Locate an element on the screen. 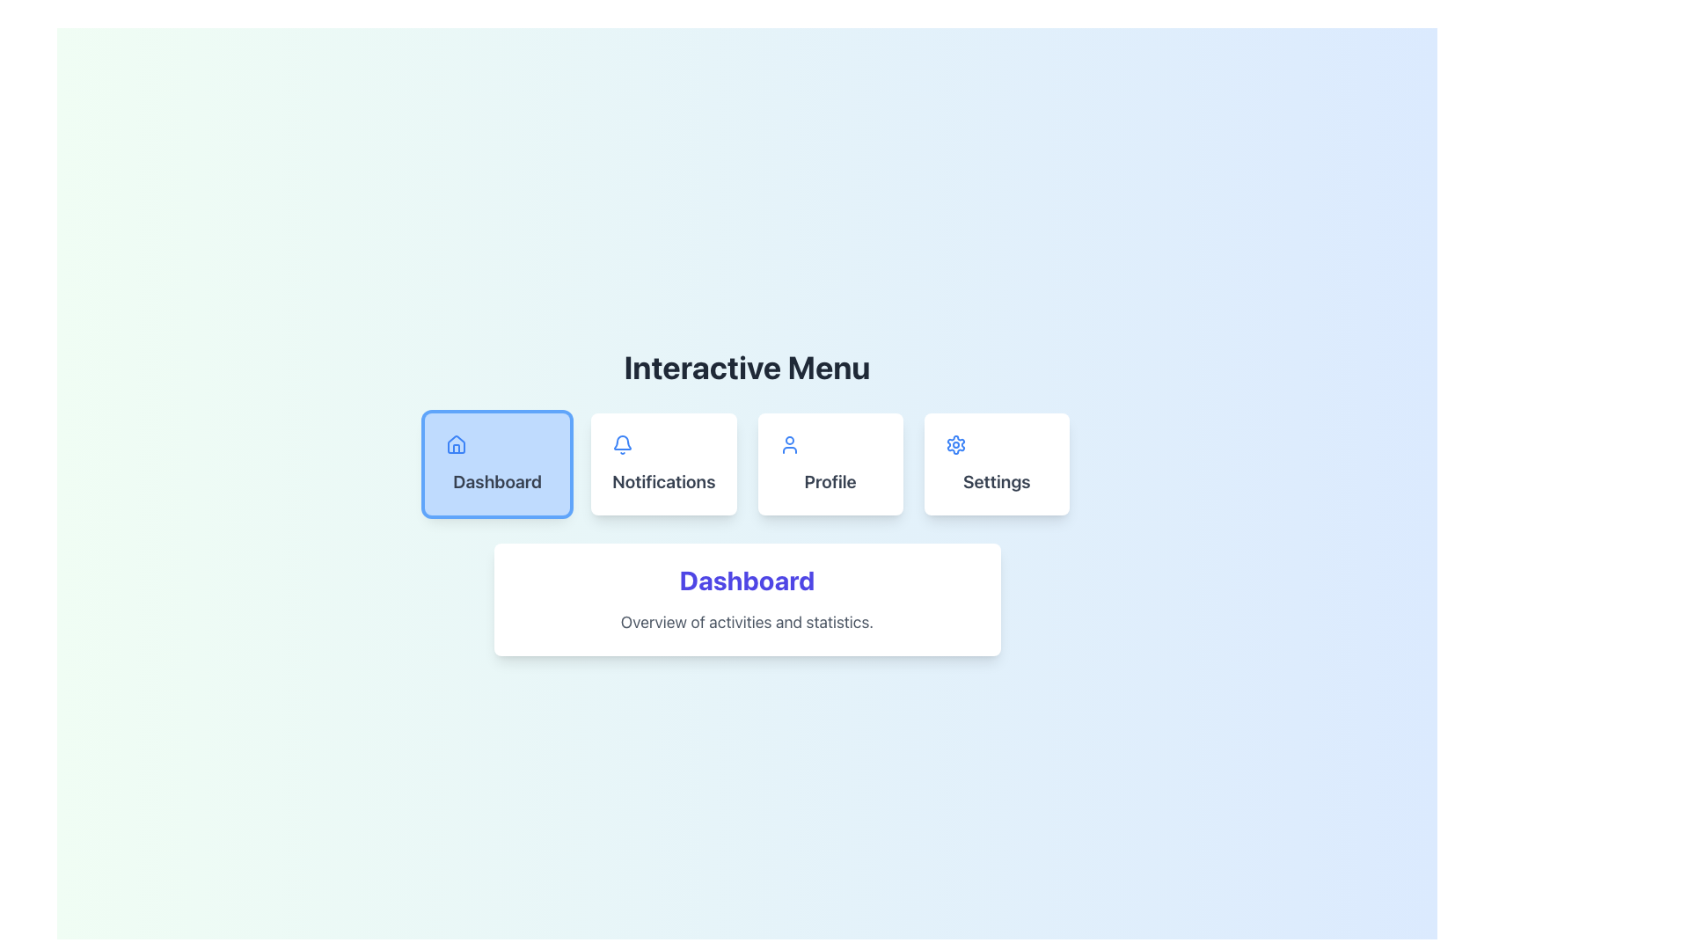 The height and width of the screenshot is (950, 1689). the settings button, which is the fourth card in the horizontal arrangement is located at coordinates (997, 464).